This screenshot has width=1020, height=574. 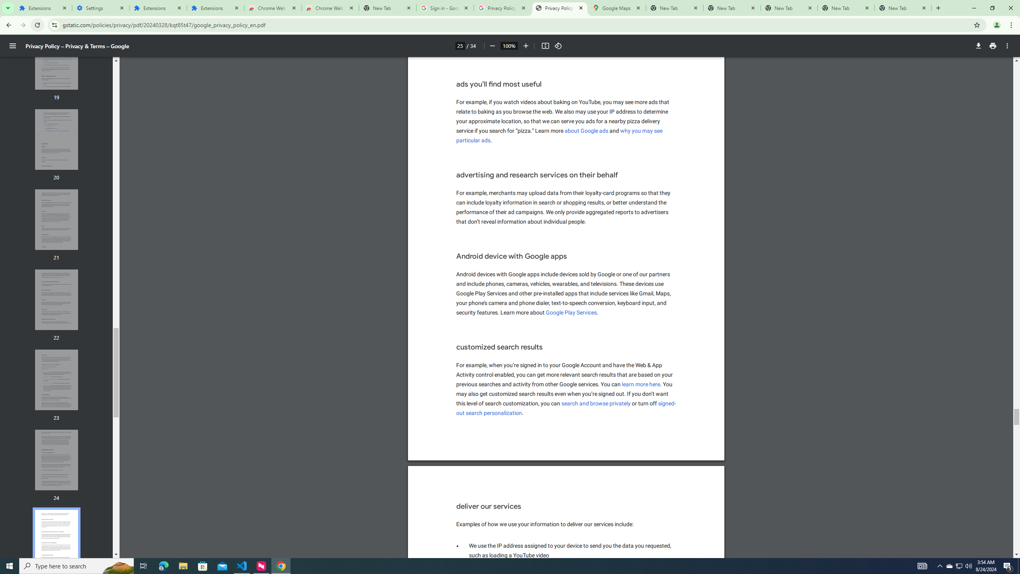 What do you see at coordinates (57, 299) in the screenshot?
I see `'Thumbnail for page 22'` at bounding box center [57, 299].